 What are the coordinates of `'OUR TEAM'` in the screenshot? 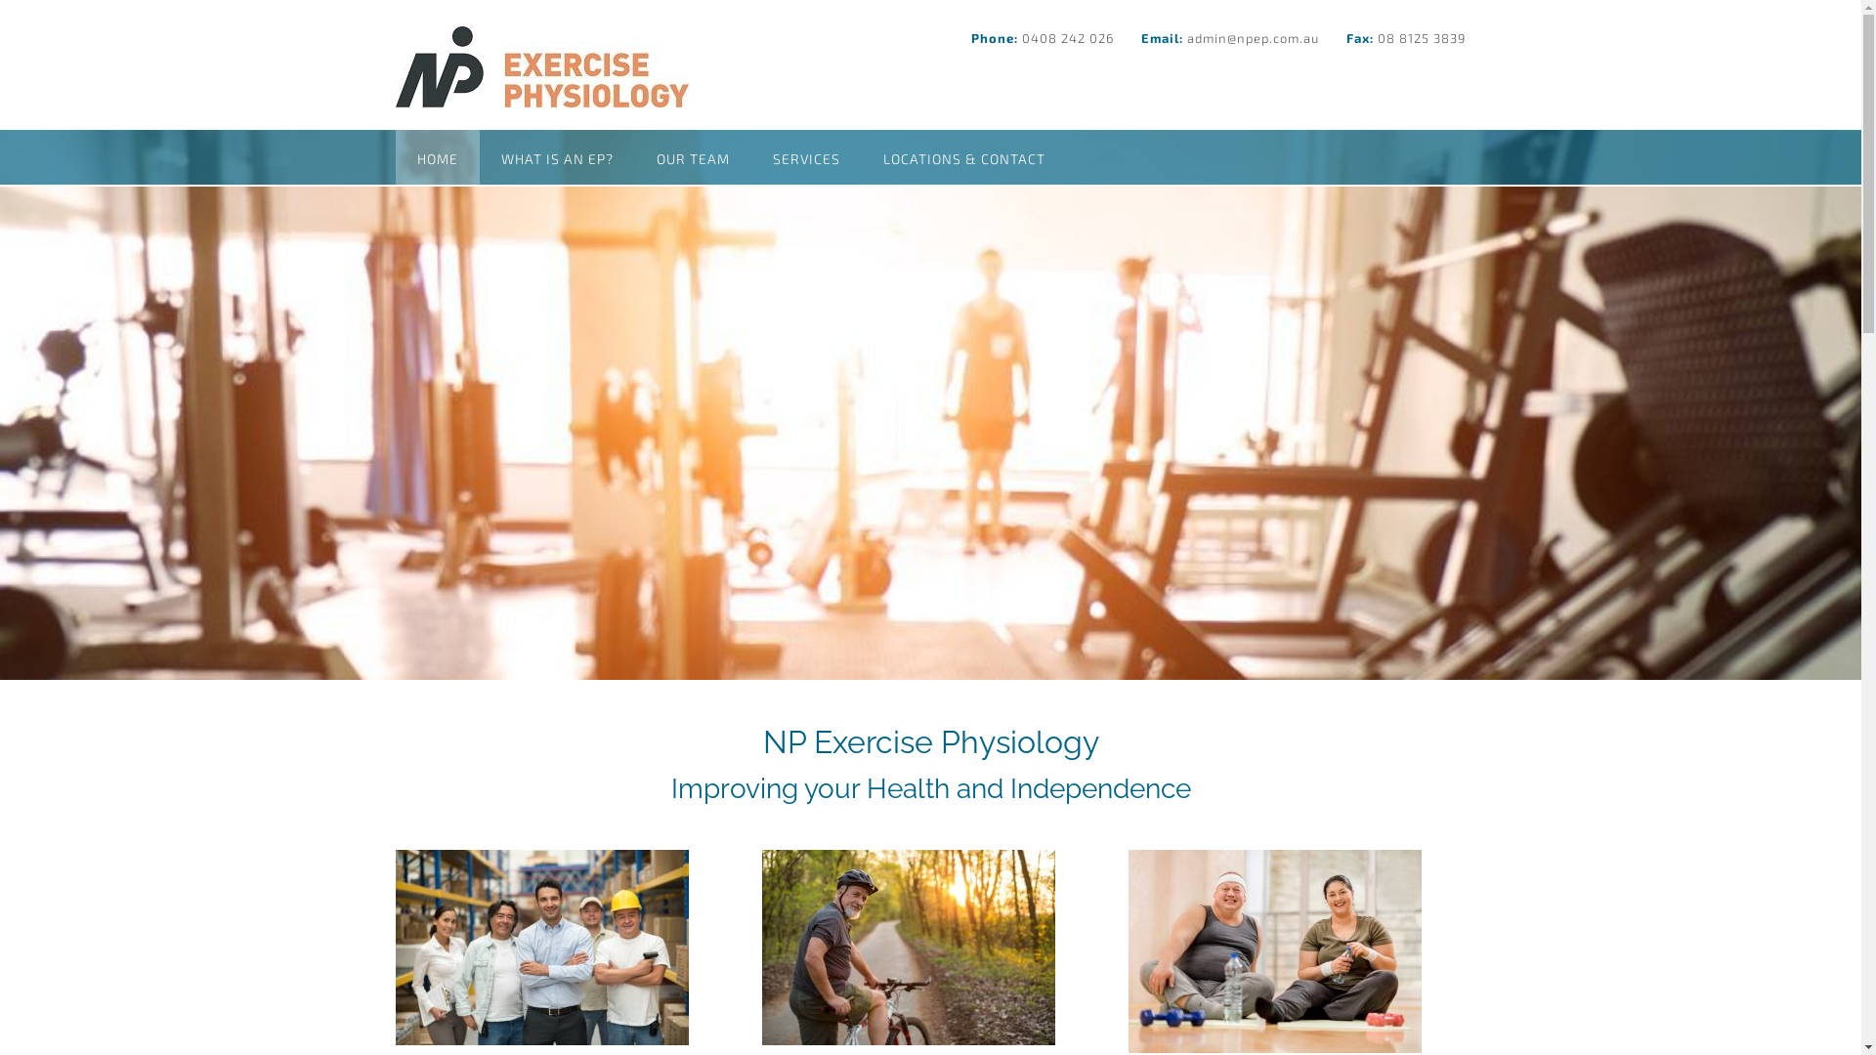 It's located at (693, 156).